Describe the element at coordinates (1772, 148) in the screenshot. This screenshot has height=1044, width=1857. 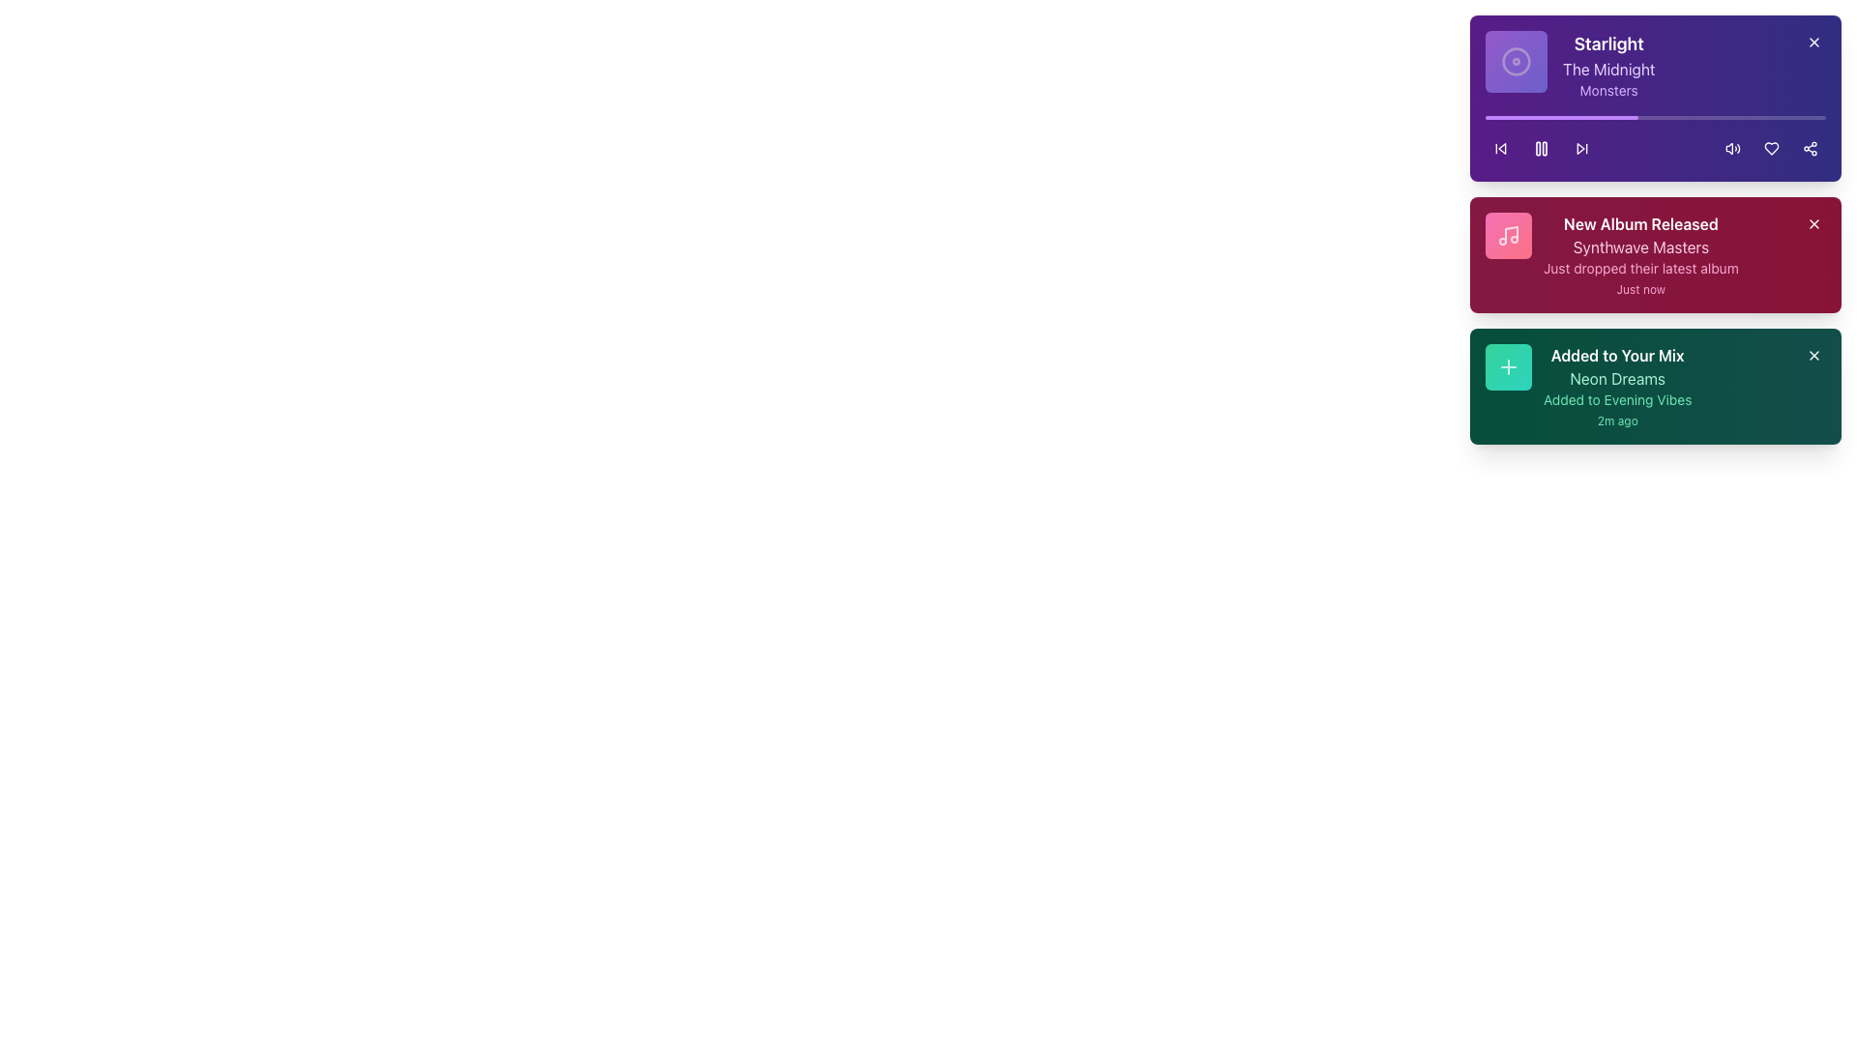
I see `the heart-shaped interactive button with a white outline on a purple background to favorite the content` at that location.